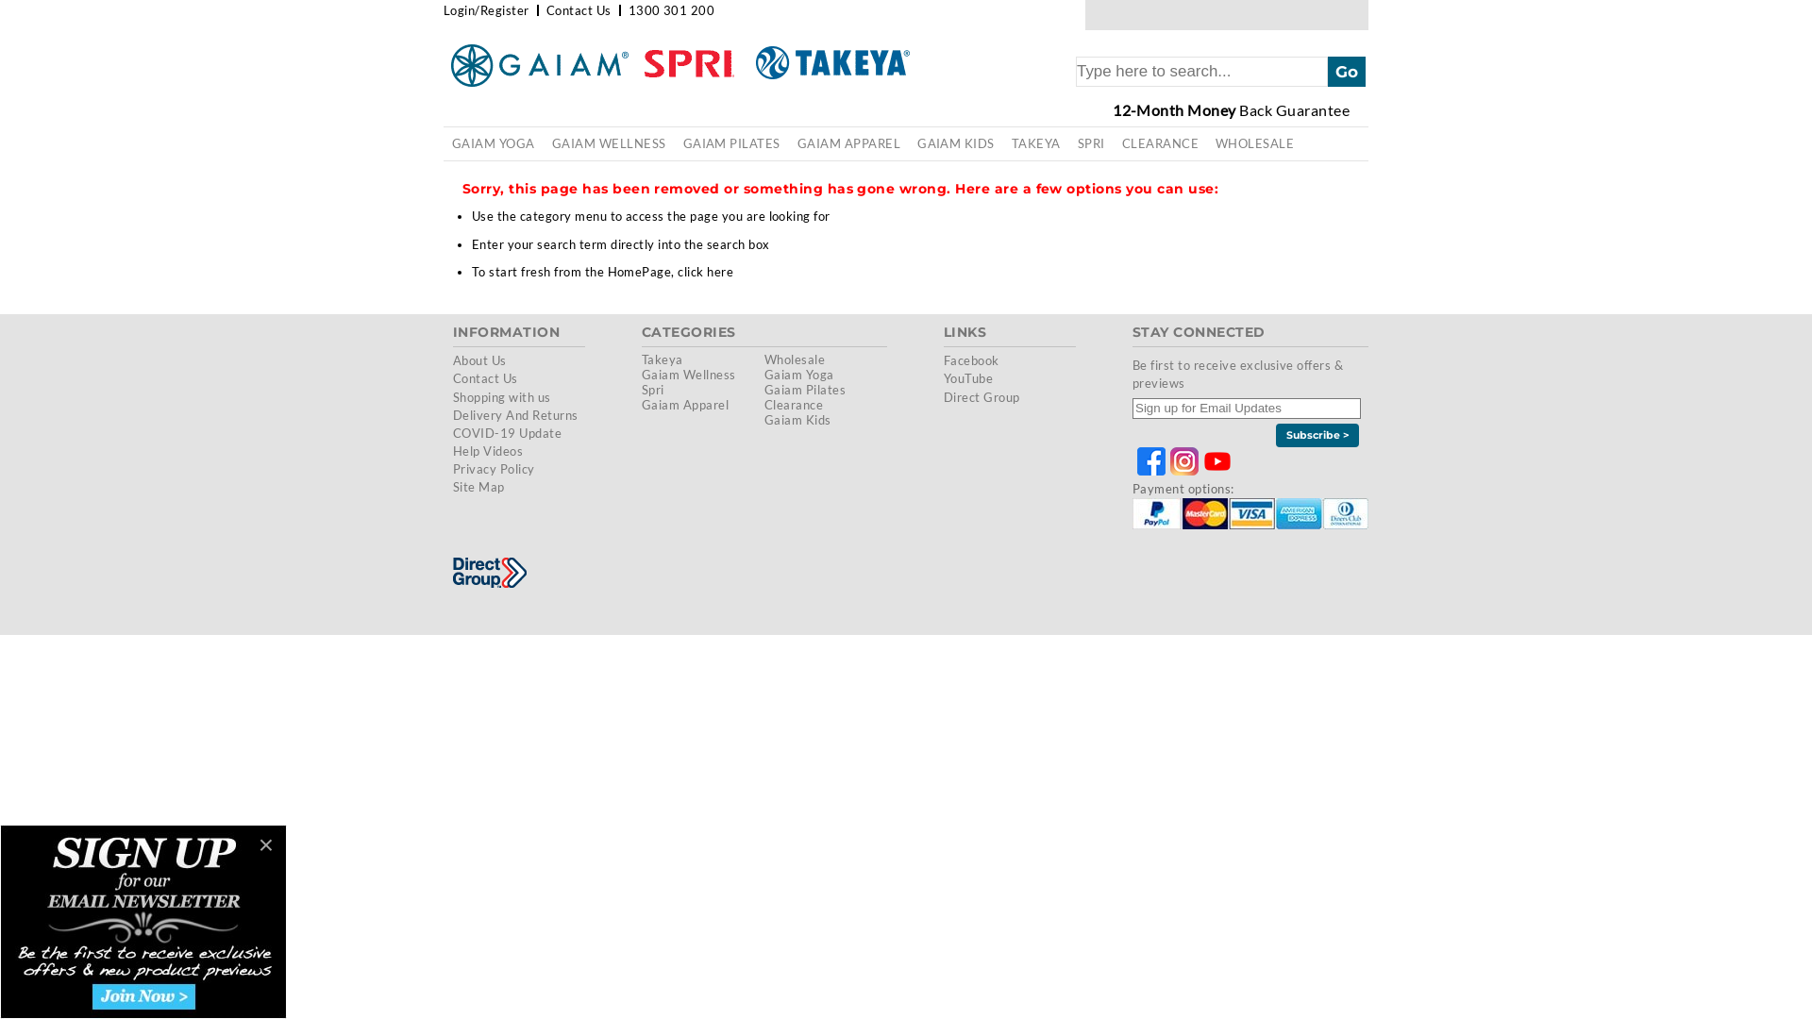 This screenshot has height=1019, width=1812. I want to click on 'Facebook', so click(971, 359).